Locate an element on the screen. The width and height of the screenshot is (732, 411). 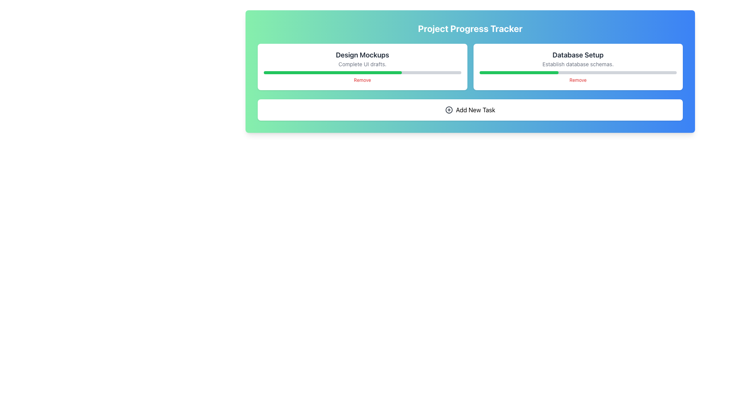
the static text displaying the description for 'Design Mockups', which is located below the title and above the progress bar and 'Remove' button is located at coordinates (362, 64).